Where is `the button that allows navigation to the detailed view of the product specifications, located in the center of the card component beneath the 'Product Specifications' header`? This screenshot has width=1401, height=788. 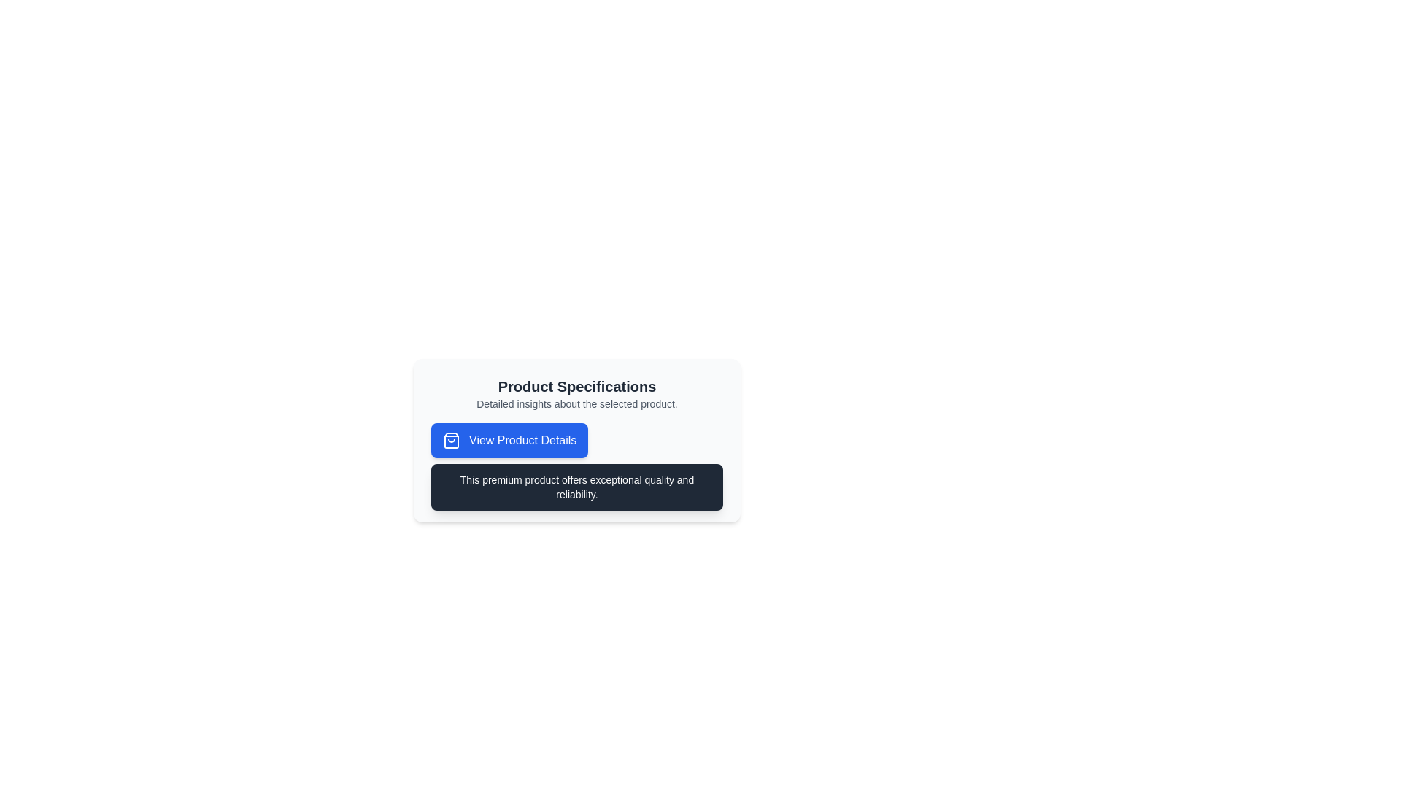 the button that allows navigation to the detailed view of the product specifications, located in the center of the card component beneath the 'Product Specifications' header is located at coordinates (576, 440).